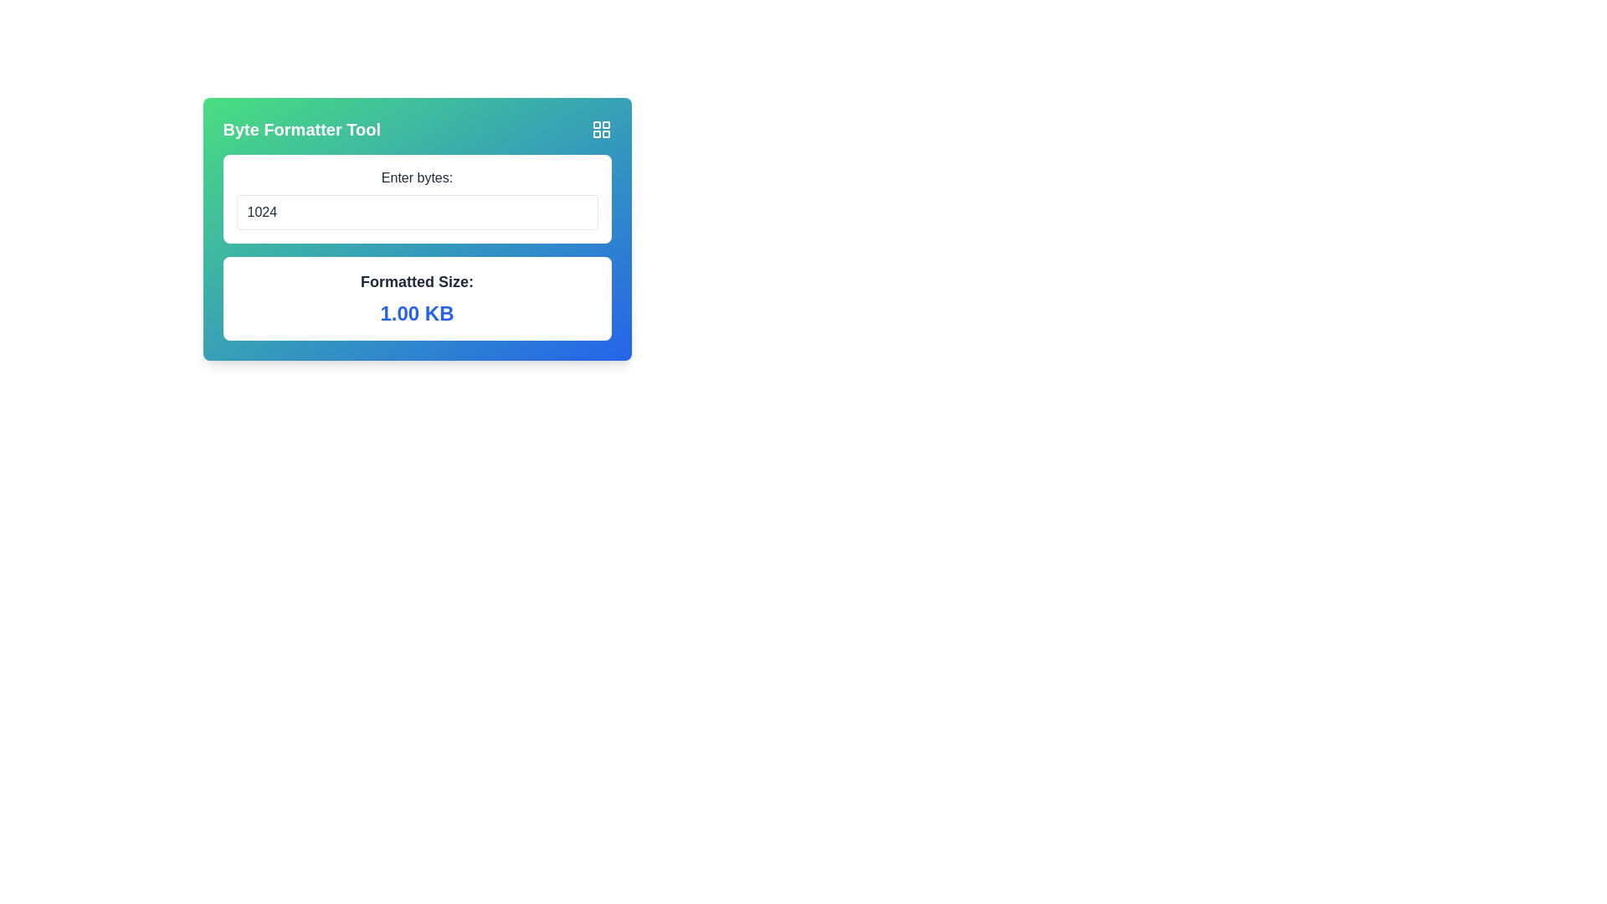 This screenshot has height=904, width=1607. What do you see at coordinates (417, 280) in the screenshot?
I see `the Text label that describes the formatted size value, located in the middle-lower part of the card layout above the size value and below the input box` at bounding box center [417, 280].